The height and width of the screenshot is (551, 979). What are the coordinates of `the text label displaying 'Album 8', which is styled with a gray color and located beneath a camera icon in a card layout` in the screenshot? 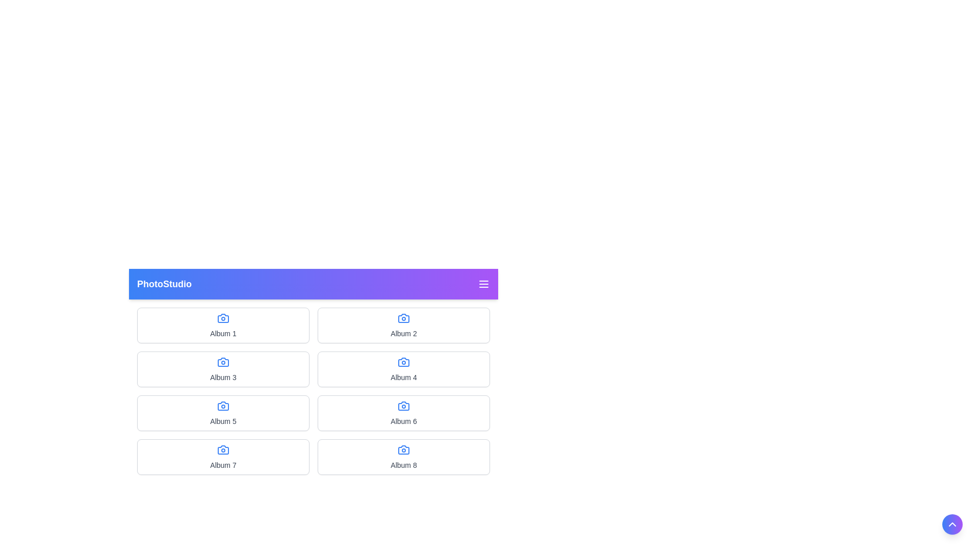 It's located at (403, 465).